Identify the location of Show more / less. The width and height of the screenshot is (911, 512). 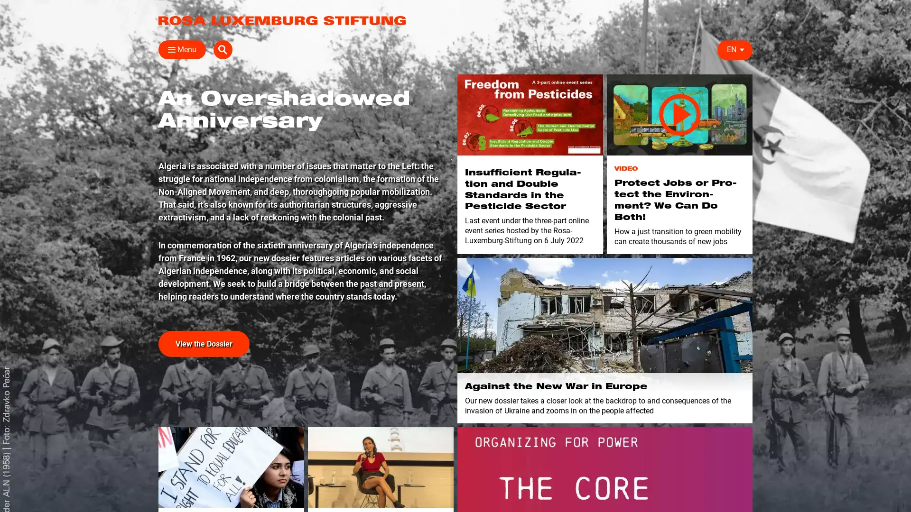
(154, 218).